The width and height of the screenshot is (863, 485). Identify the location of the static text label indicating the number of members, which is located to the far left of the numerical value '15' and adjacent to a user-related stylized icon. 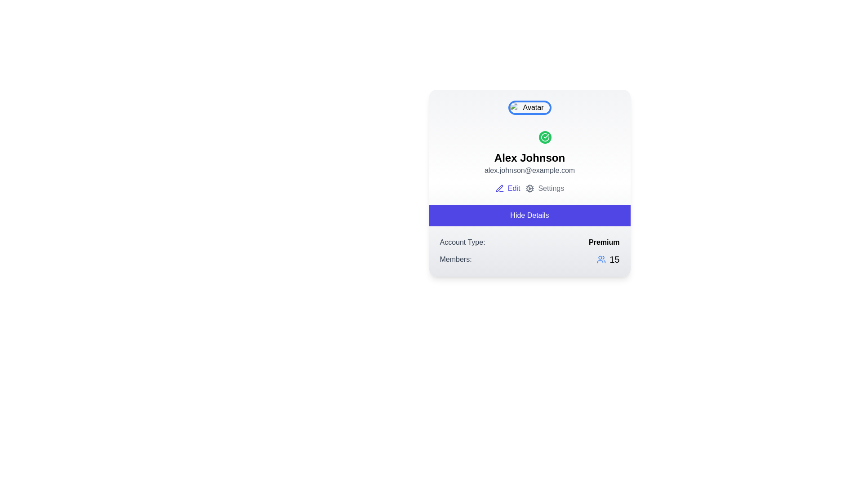
(456, 260).